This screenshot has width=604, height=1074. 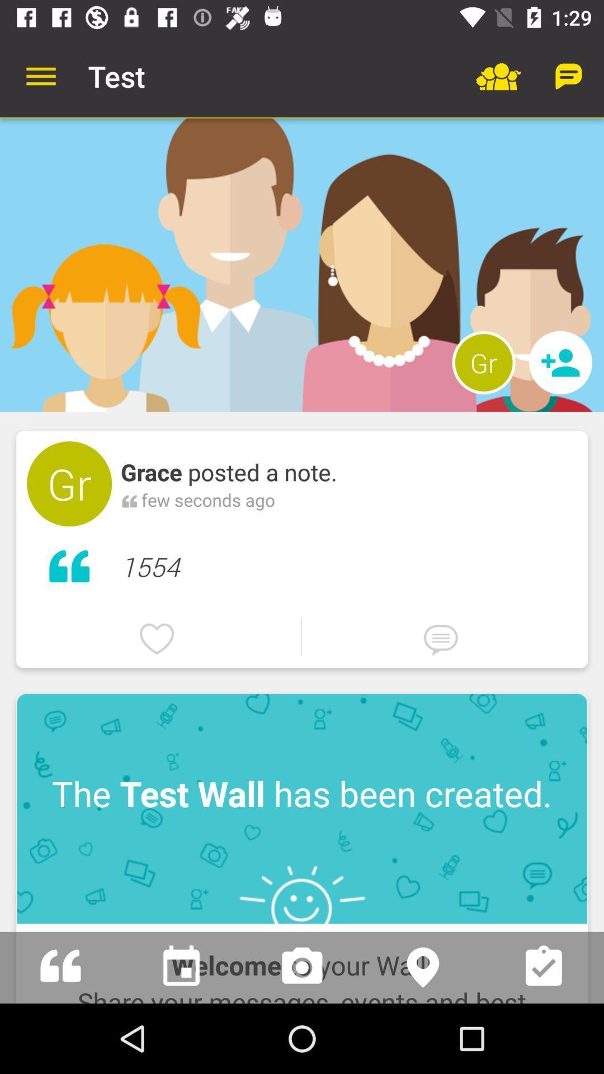 What do you see at coordinates (129, 499) in the screenshot?
I see `item to the left of few seconds ago icon` at bounding box center [129, 499].